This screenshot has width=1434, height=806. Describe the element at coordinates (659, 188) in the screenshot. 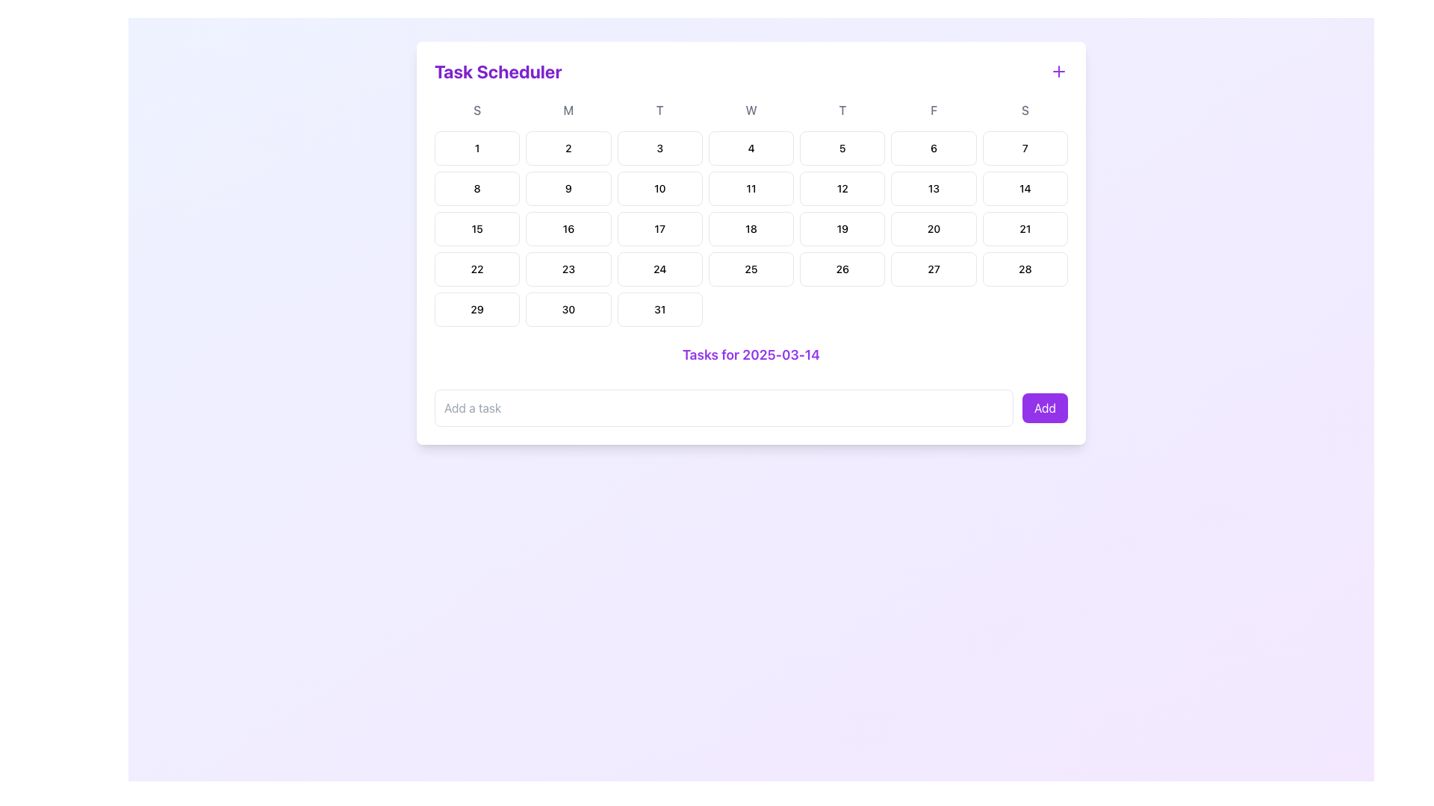

I see `the date selector button representing the date '10'` at that location.